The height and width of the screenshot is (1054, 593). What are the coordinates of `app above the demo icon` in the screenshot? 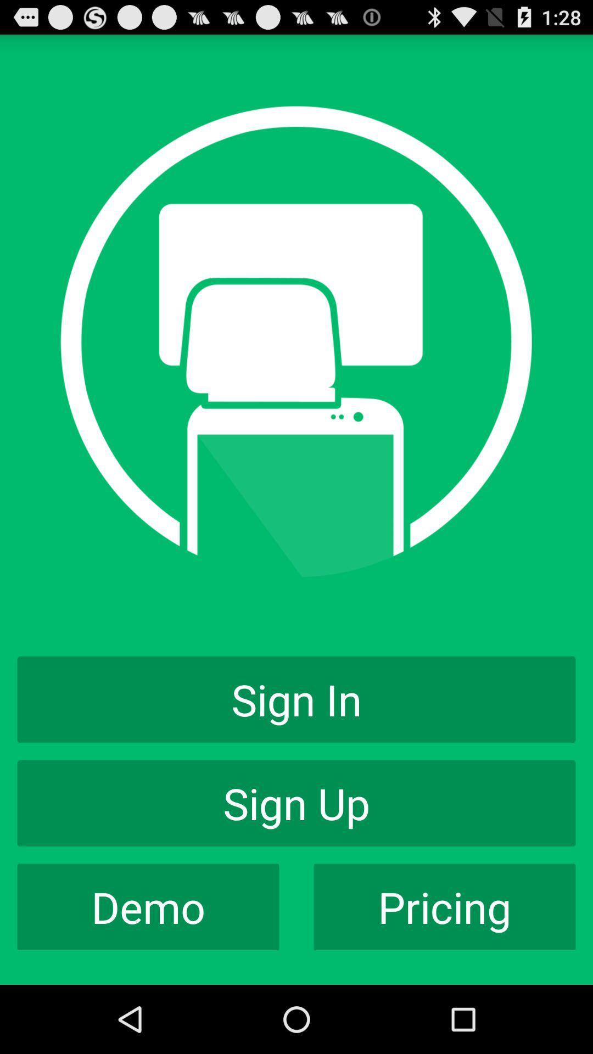 It's located at (296, 803).